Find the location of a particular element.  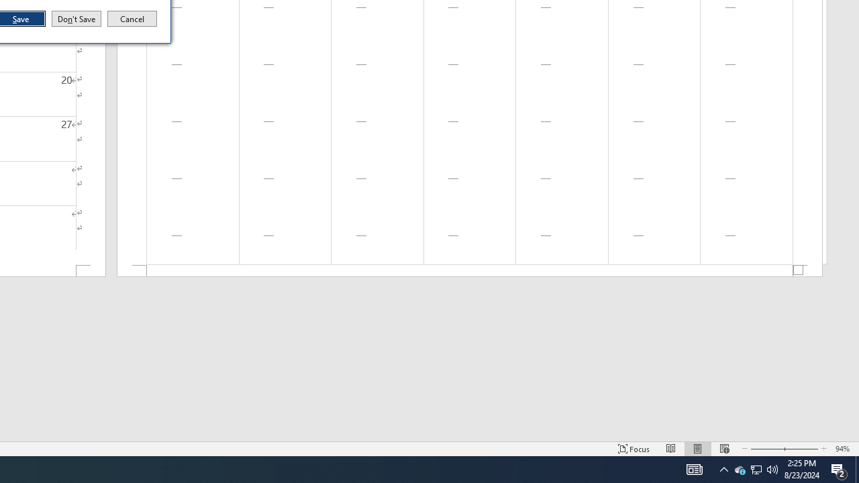

'Q2790: 100%' is located at coordinates (756, 468).